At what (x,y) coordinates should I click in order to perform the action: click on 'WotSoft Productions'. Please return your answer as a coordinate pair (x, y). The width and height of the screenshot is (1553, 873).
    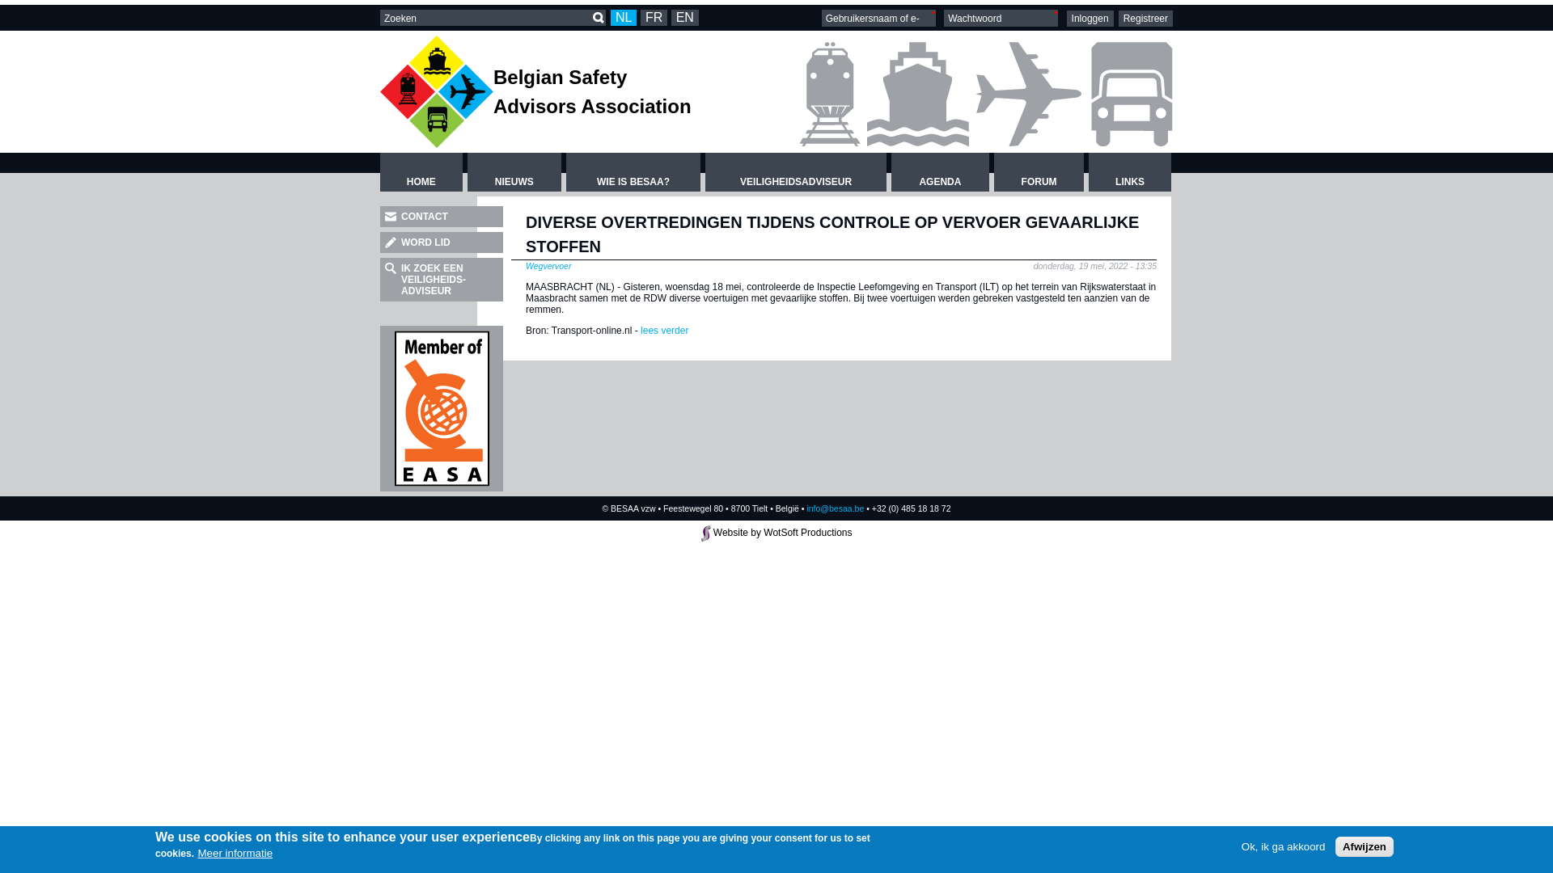
    Looking at the image, I should click on (807, 533).